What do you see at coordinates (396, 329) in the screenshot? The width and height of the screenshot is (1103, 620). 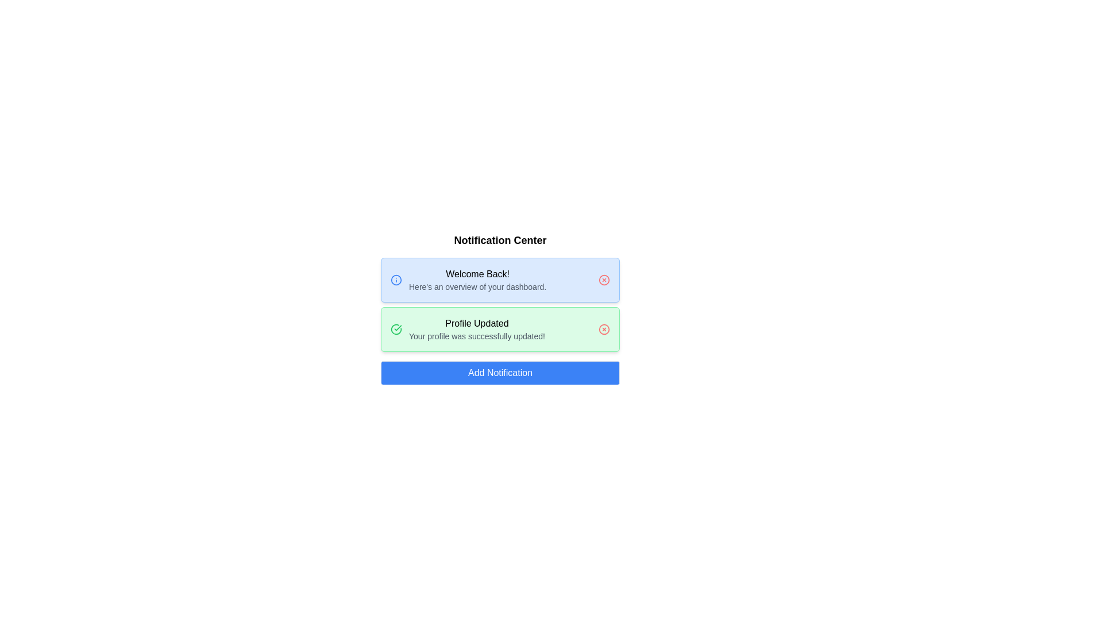 I see `the green circular checkmark icon located beside the text 'Profile Updated' in the notification area` at bounding box center [396, 329].